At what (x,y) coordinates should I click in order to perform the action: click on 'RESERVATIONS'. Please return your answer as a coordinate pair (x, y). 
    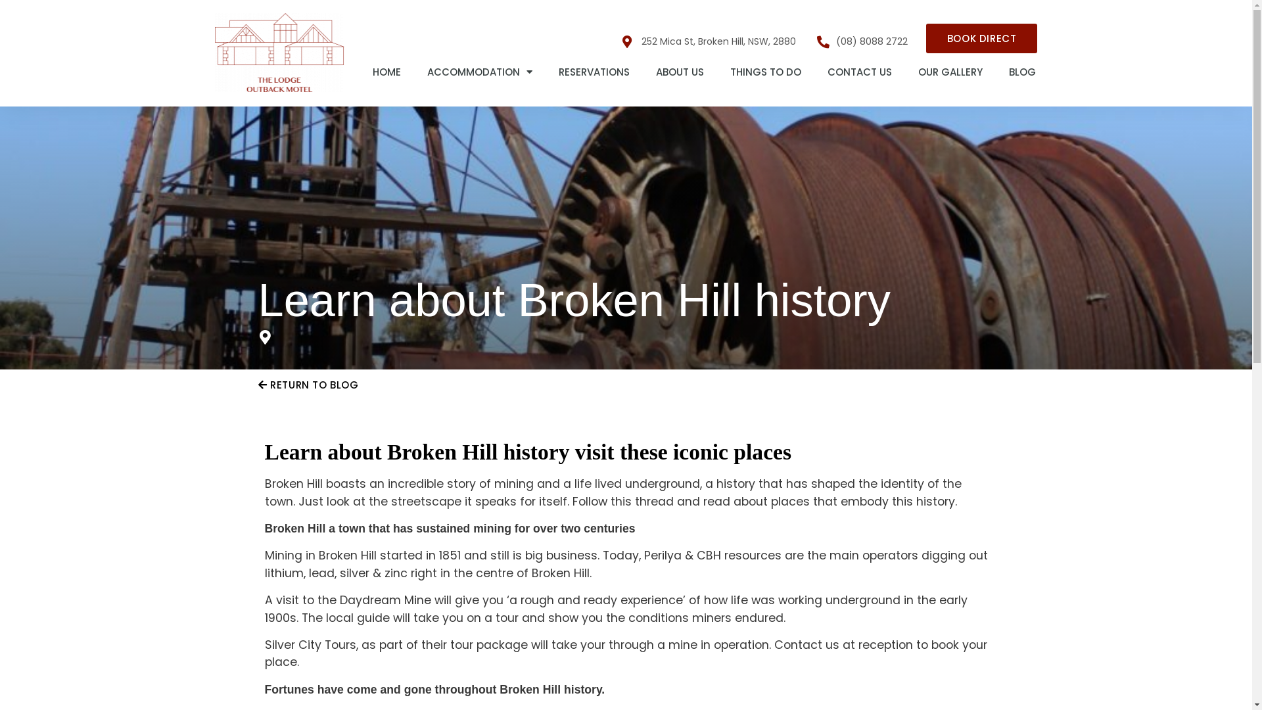
    Looking at the image, I should click on (593, 72).